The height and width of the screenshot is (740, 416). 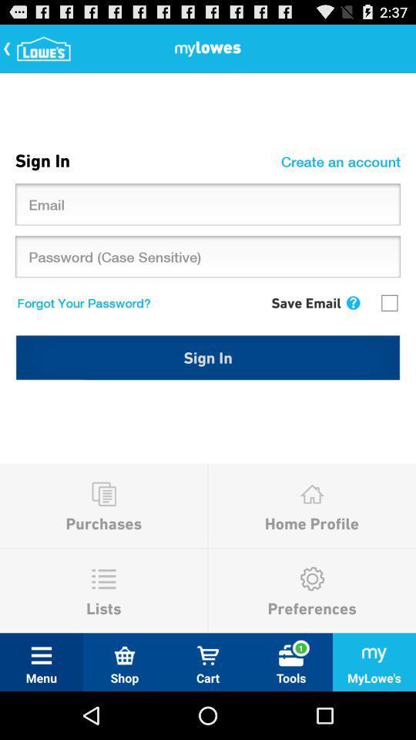 What do you see at coordinates (80, 301) in the screenshot?
I see `the forgot your password? icon` at bounding box center [80, 301].